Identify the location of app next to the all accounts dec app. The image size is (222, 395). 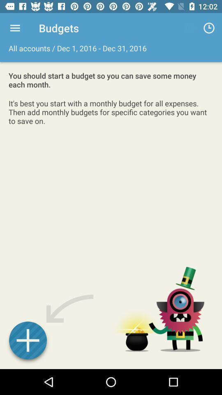
(209, 28).